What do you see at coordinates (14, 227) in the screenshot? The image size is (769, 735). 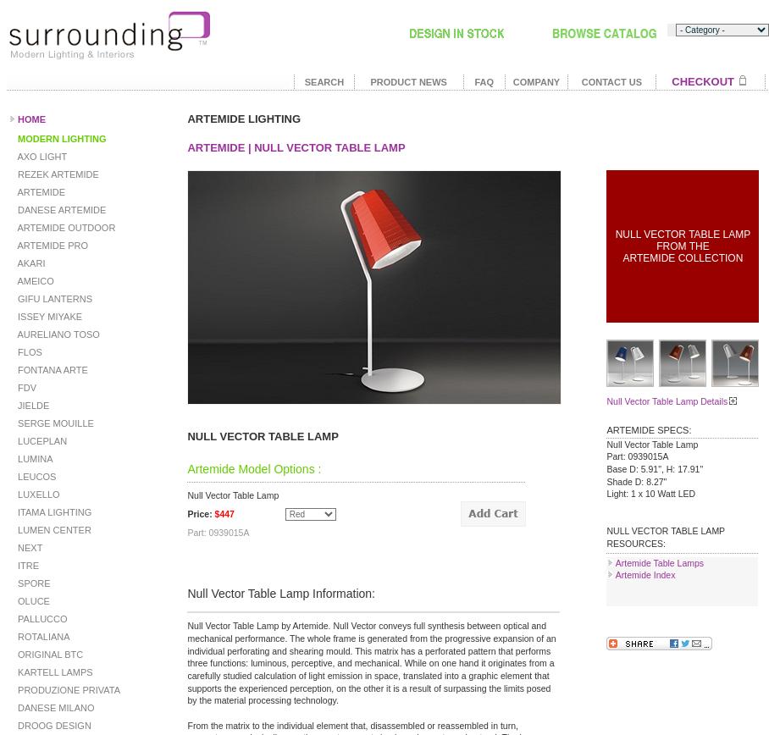 I see `'ARTEMIDE OUTDOOR'` at bounding box center [14, 227].